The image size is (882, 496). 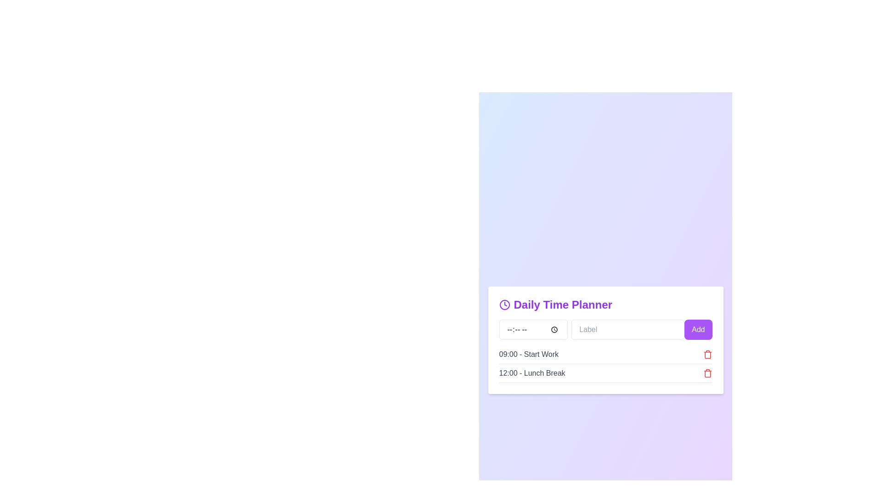 I want to click on the 'Add' button, so click(x=698, y=329).